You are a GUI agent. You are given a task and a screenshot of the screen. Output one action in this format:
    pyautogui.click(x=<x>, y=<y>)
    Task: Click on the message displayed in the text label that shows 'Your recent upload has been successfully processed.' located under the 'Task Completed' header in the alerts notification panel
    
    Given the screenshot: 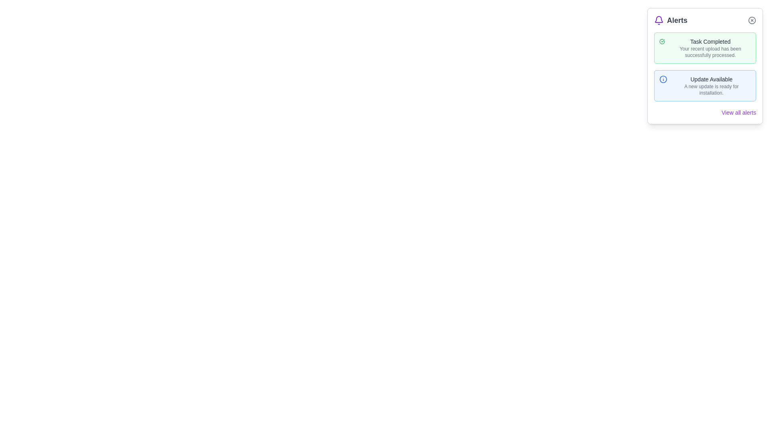 What is the action you would take?
    pyautogui.click(x=710, y=52)
    